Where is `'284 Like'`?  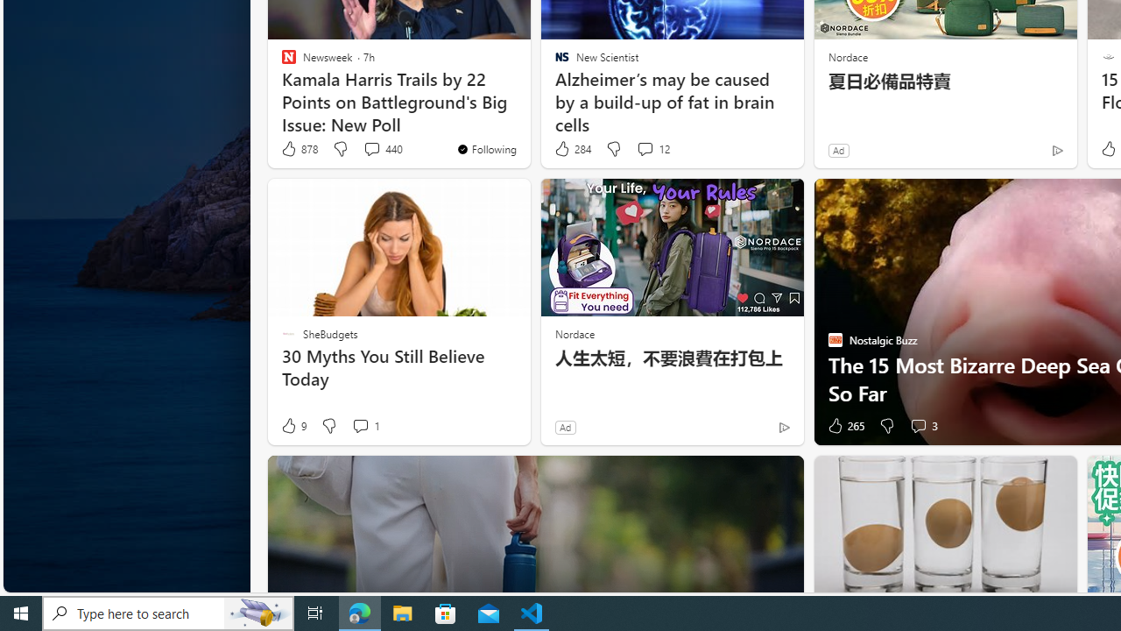
'284 Like' is located at coordinates (572, 148).